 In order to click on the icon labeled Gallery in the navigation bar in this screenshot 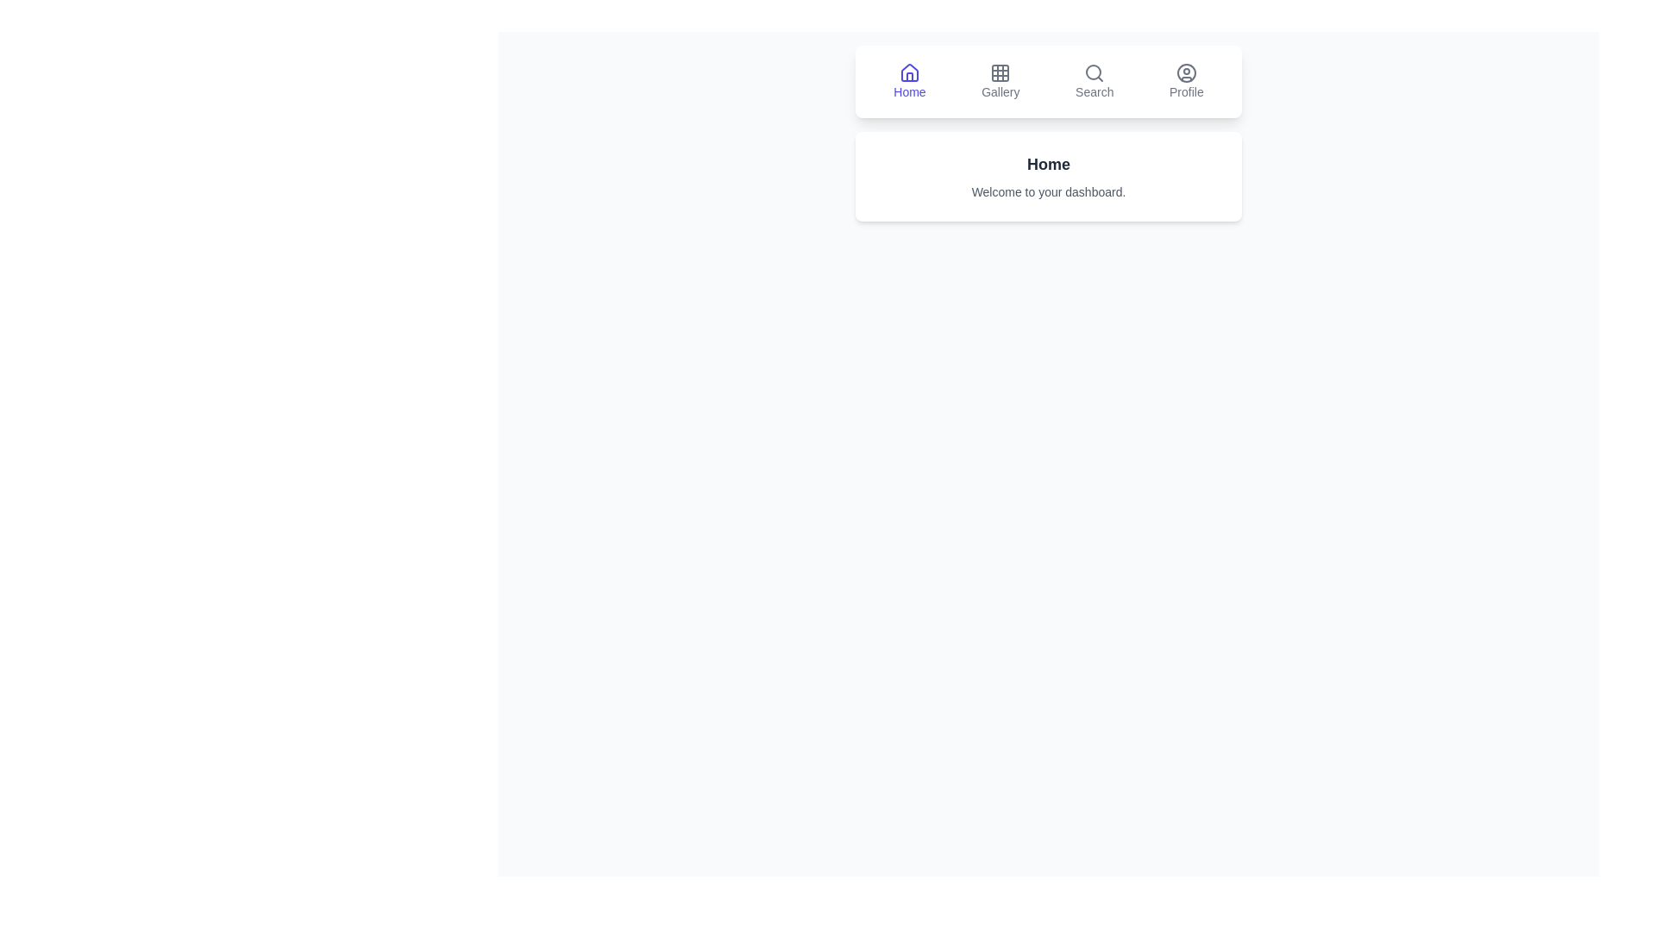, I will do `click(1000, 82)`.